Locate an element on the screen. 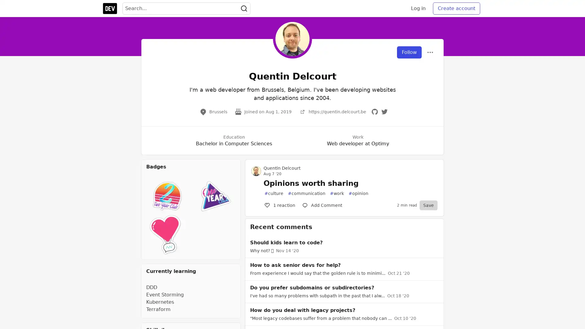 The width and height of the screenshot is (585, 329). Follow user: Quentin Delcourt is located at coordinates (409, 52).